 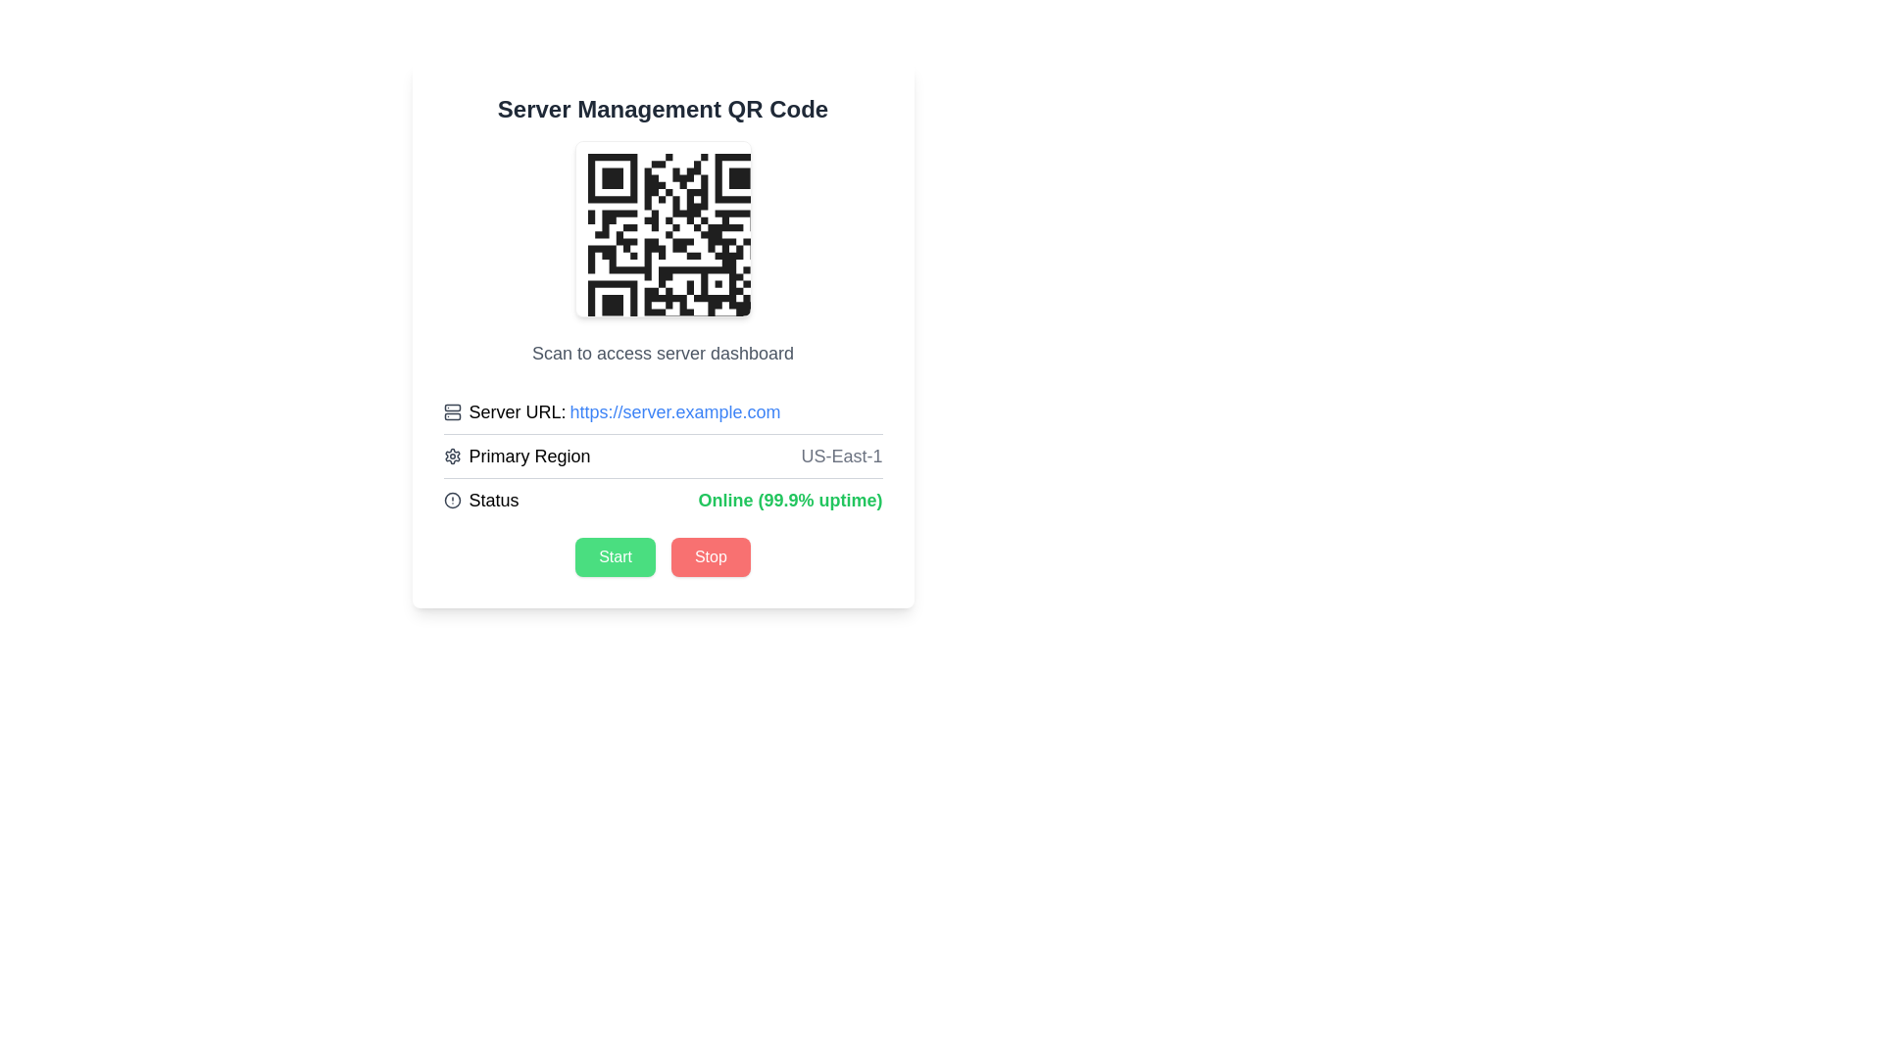 What do you see at coordinates (663, 228) in the screenshot?
I see `the QR code positioned centrally above the text 'Scan to access server dashboard'` at bounding box center [663, 228].